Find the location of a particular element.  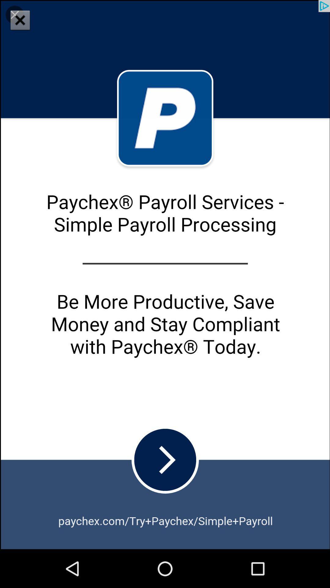

the close icon is located at coordinates (20, 21).